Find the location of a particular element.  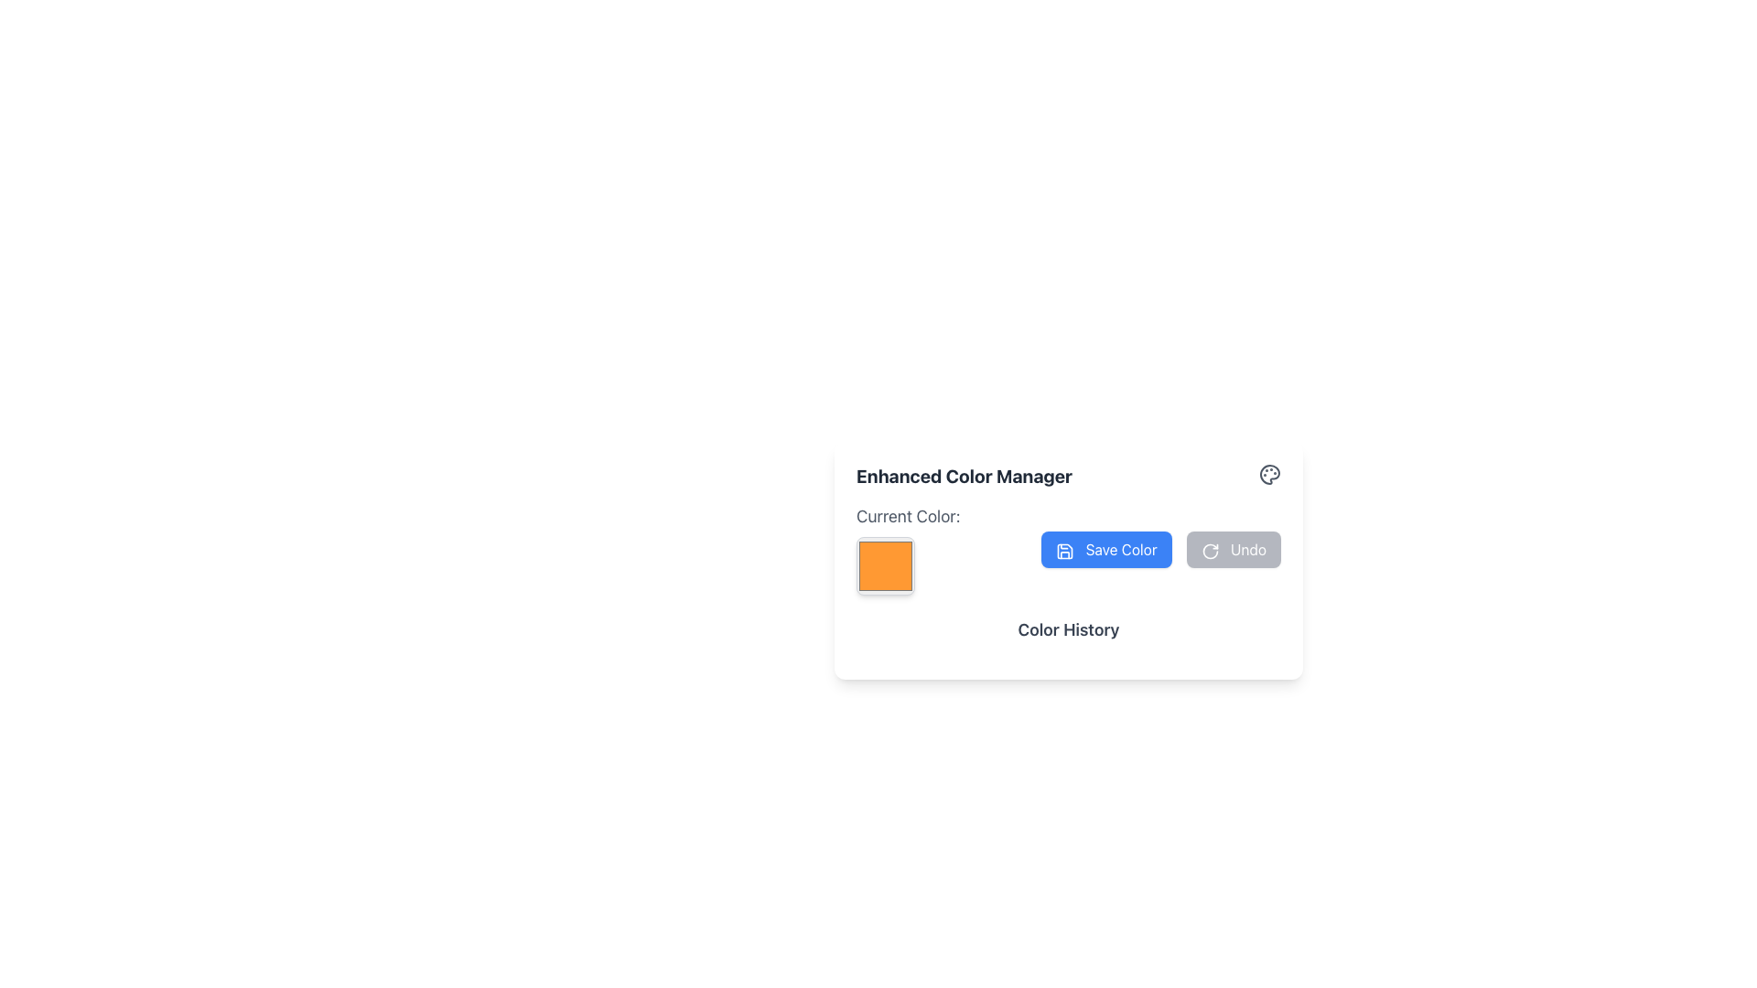

the 'Undo' button located to the right of the 'Save Color' button in the control panel is located at coordinates (1234, 549).